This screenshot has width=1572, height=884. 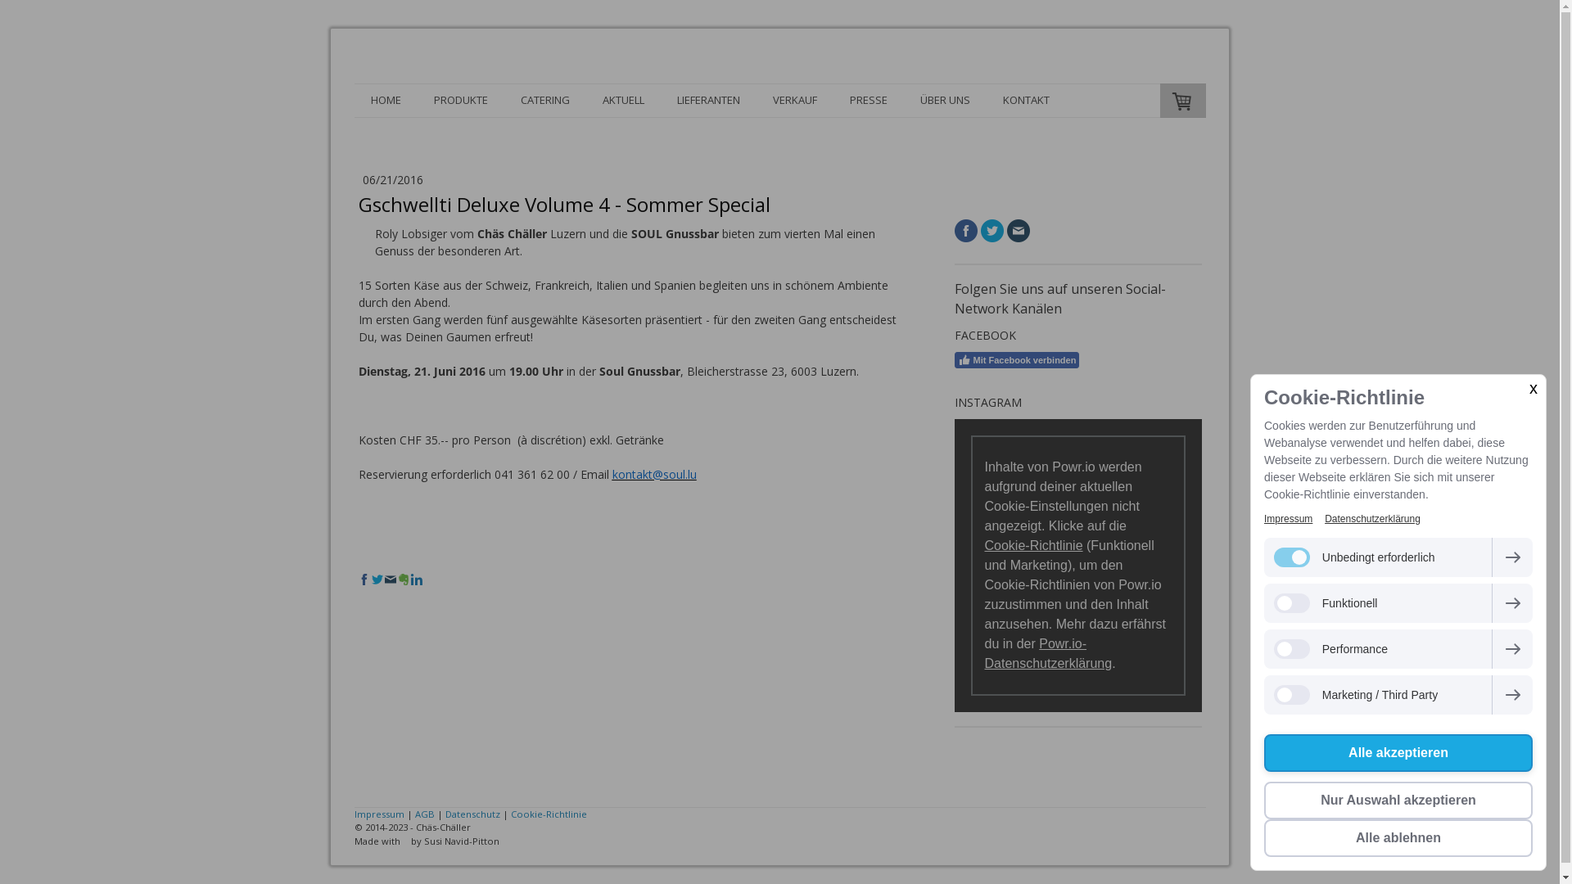 I want to click on 'E-Mail', so click(x=1017, y=230).